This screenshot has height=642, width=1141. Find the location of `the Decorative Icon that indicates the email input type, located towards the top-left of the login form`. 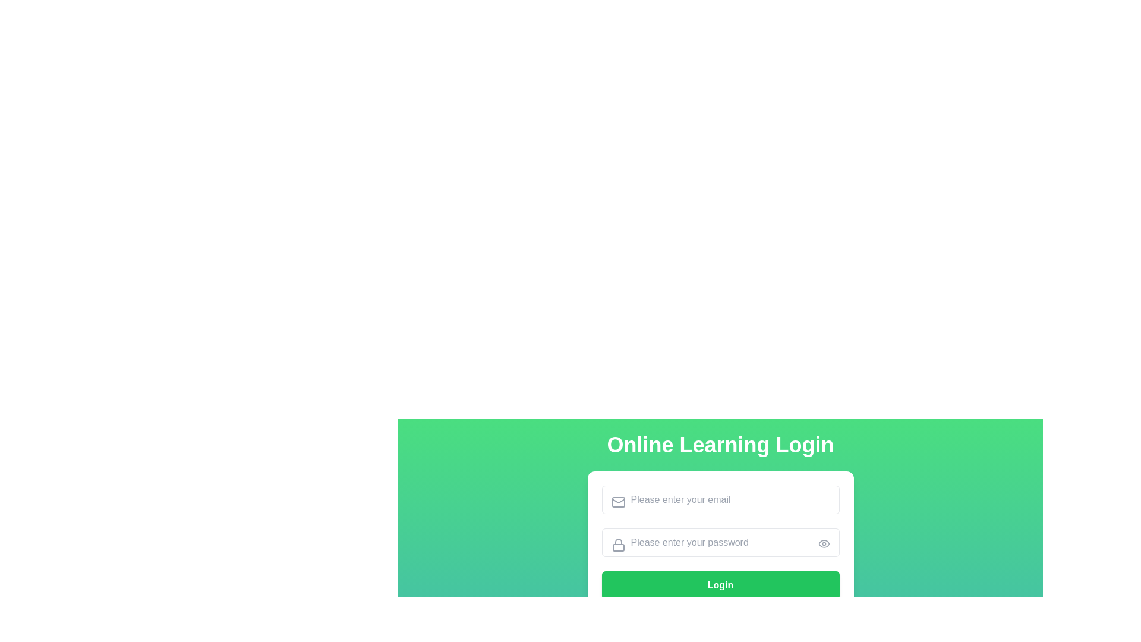

the Decorative Icon that indicates the email input type, located towards the top-left of the login form is located at coordinates (618, 502).